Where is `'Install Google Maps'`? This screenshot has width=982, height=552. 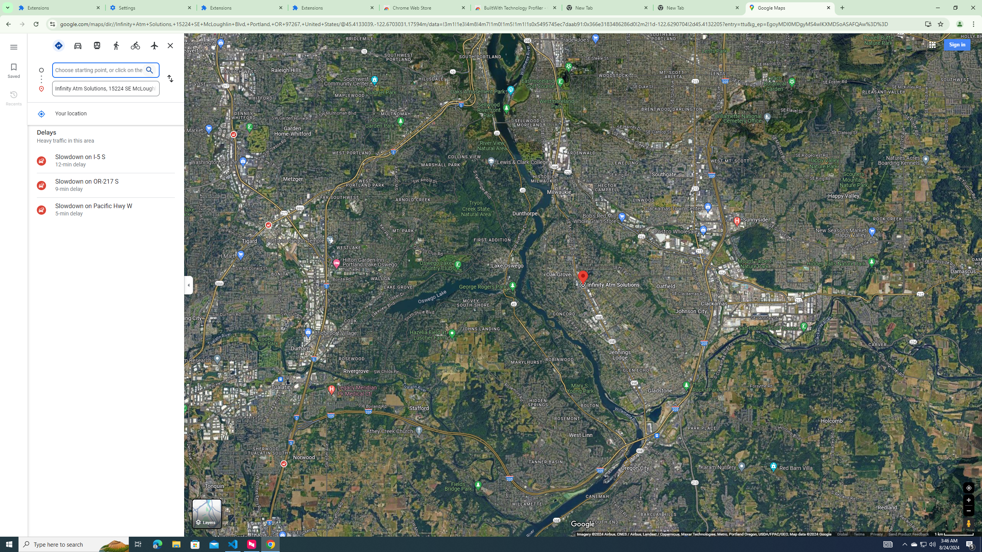 'Install Google Maps' is located at coordinates (928, 23).